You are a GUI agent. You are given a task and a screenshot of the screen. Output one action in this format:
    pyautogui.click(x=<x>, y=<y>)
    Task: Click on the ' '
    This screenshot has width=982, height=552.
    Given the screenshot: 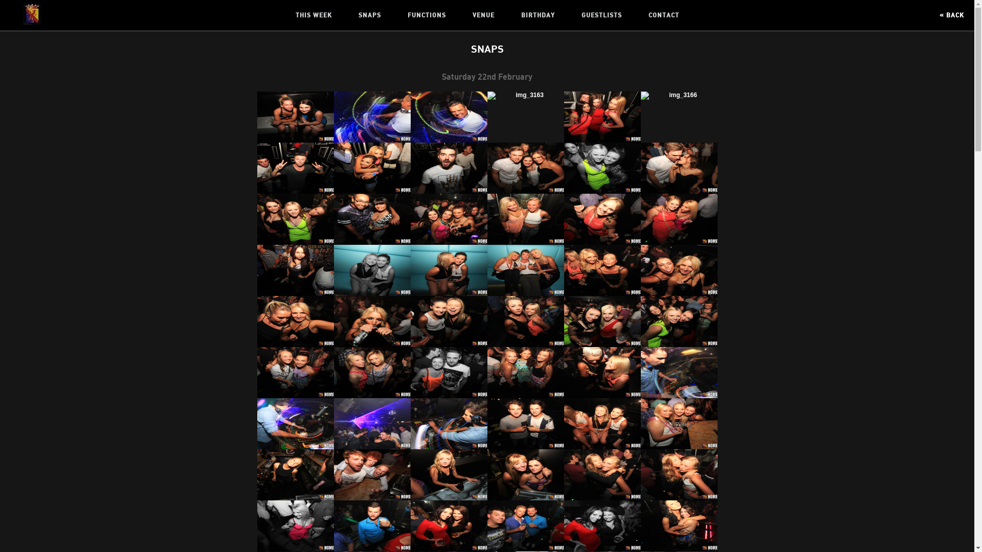 What is the action you would take?
    pyautogui.click(x=525, y=116)
    